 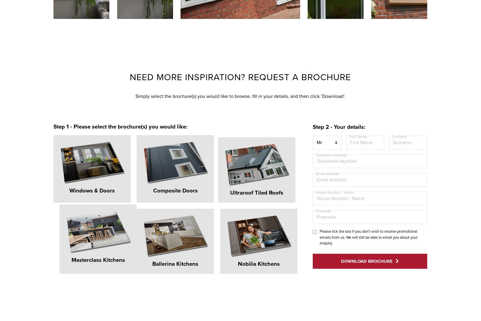 I want to click on 'Windows & Doors', so click(x=81, y=180).